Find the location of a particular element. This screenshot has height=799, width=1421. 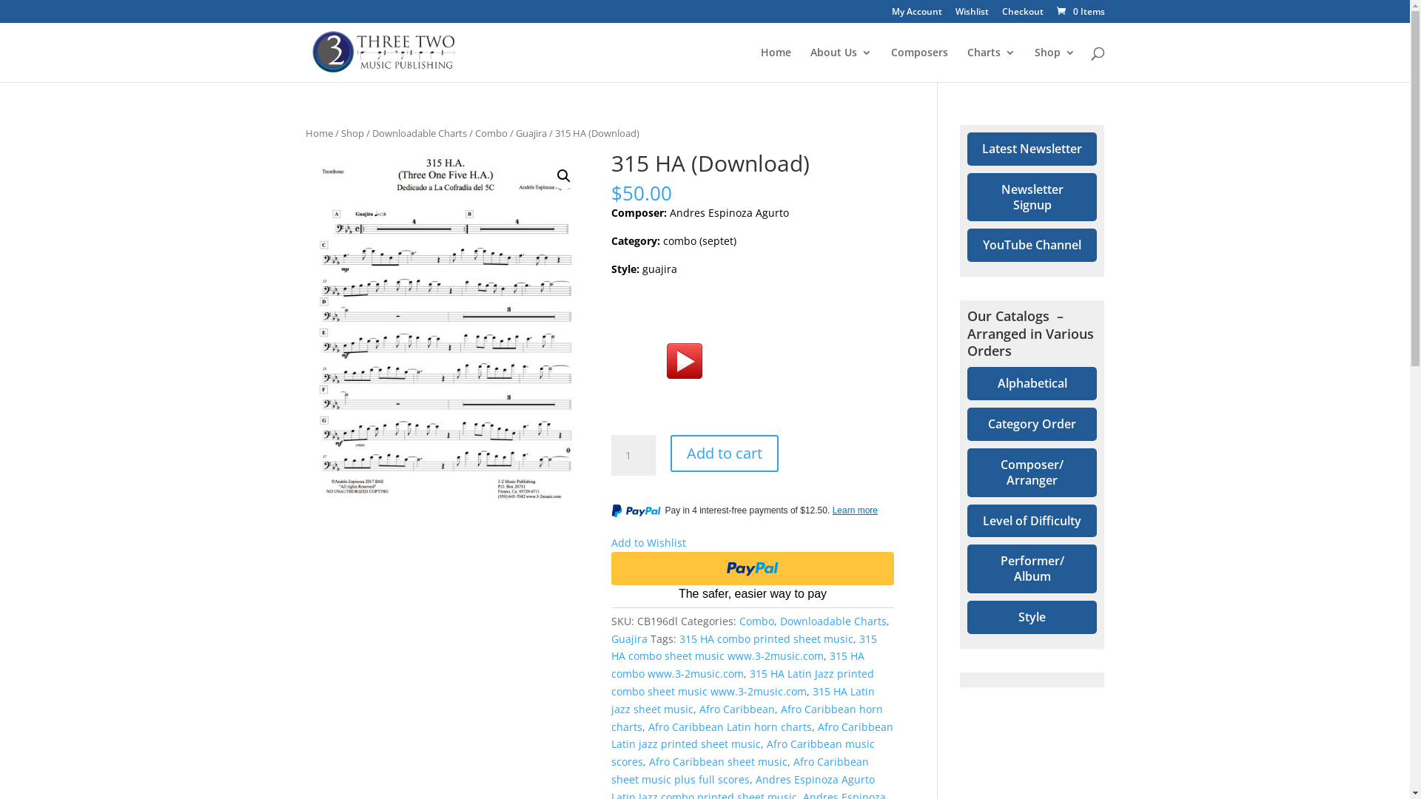

'Afro Caribbean sheet music' is located at coordinates (718, 761).